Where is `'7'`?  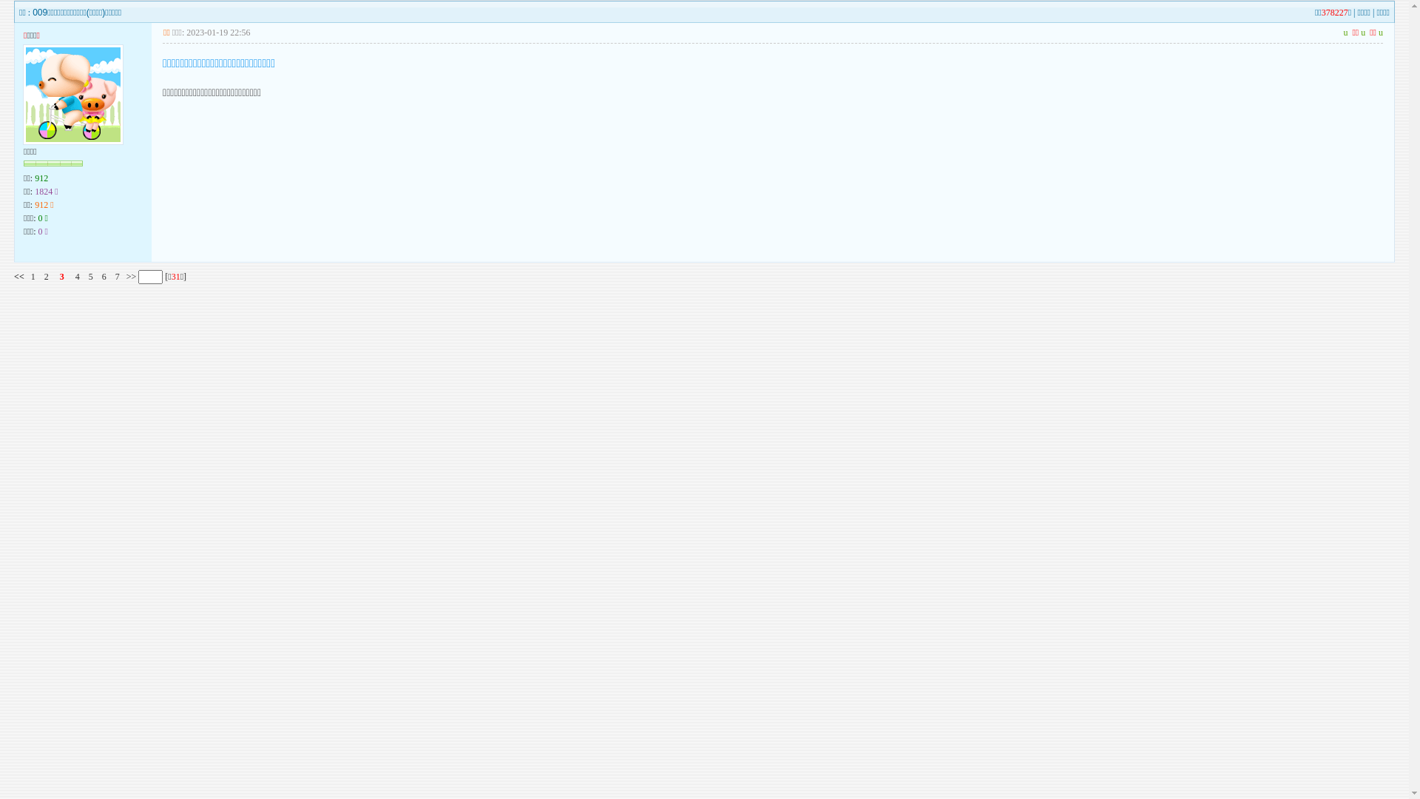
'7' is located at coordinates (116, 277).